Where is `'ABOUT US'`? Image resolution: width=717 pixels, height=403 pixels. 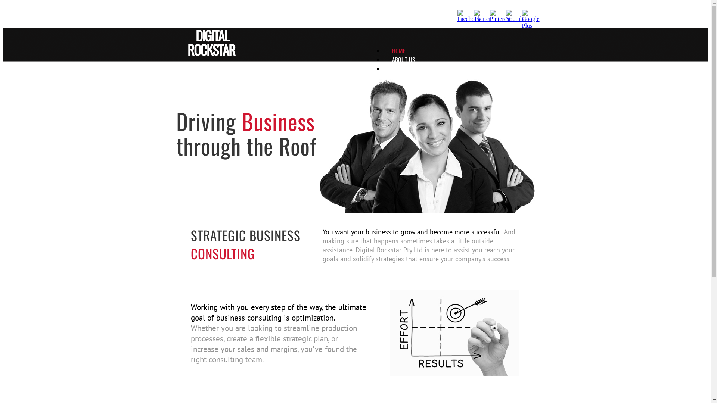
'ABOUT US' is located at coordinates (392, 59).